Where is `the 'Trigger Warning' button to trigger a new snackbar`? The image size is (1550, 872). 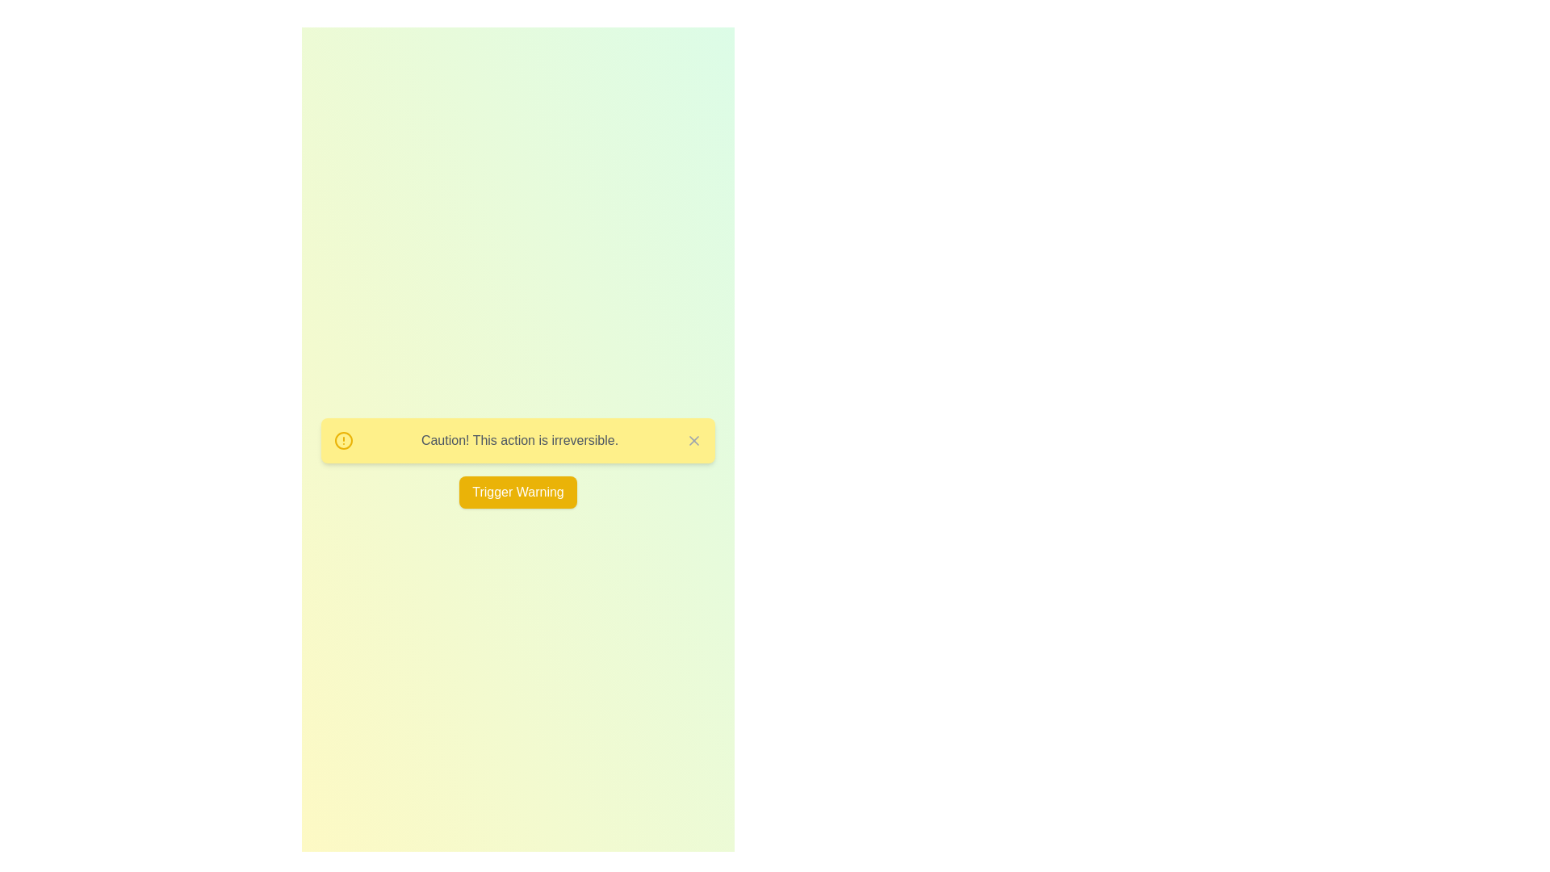 the 'Trigger Warning' button to trigger a new snackbar is located at coordinates (518, 491).